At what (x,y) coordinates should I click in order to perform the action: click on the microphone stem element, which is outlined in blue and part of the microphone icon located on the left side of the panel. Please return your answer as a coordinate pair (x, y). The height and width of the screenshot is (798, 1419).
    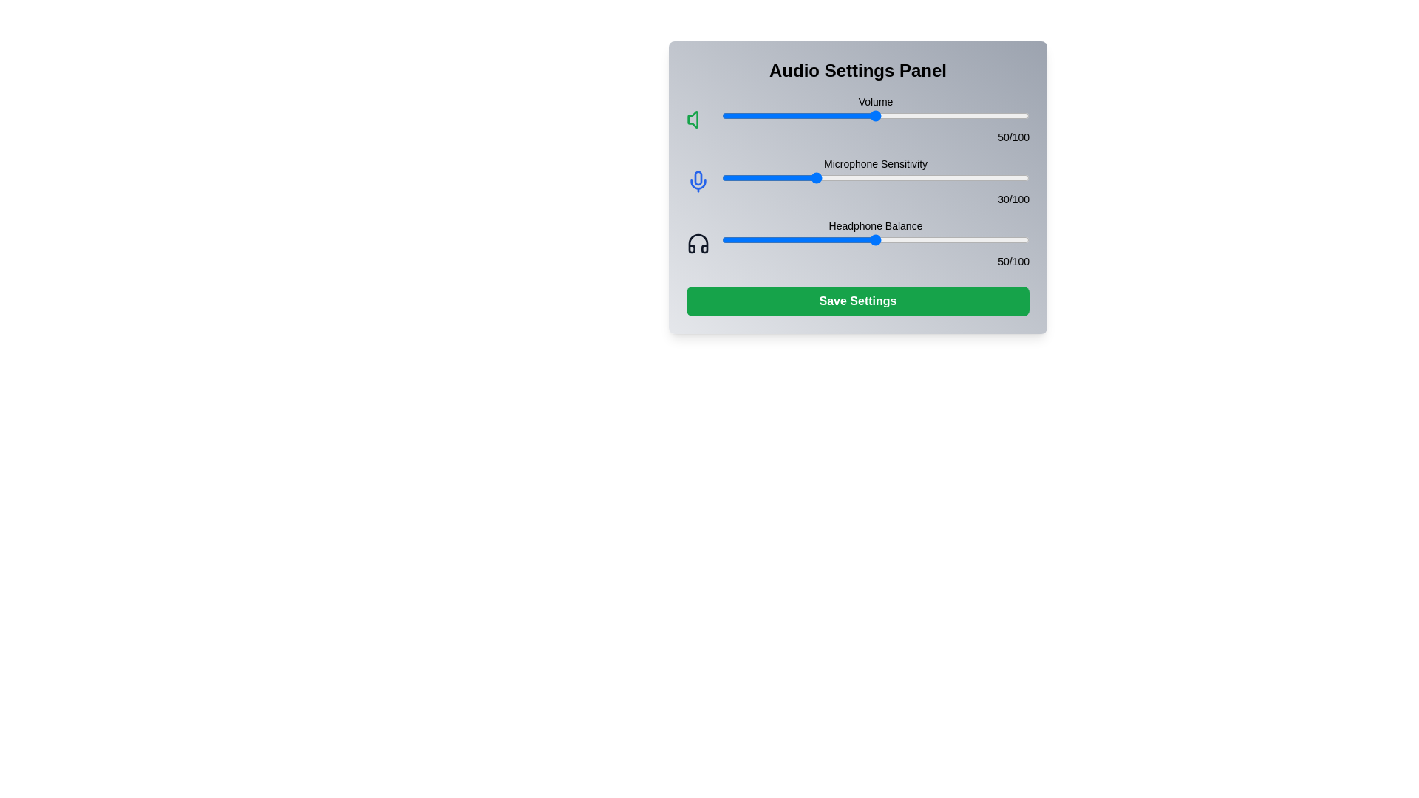
    Looking at the image, I should click on (698, 177).